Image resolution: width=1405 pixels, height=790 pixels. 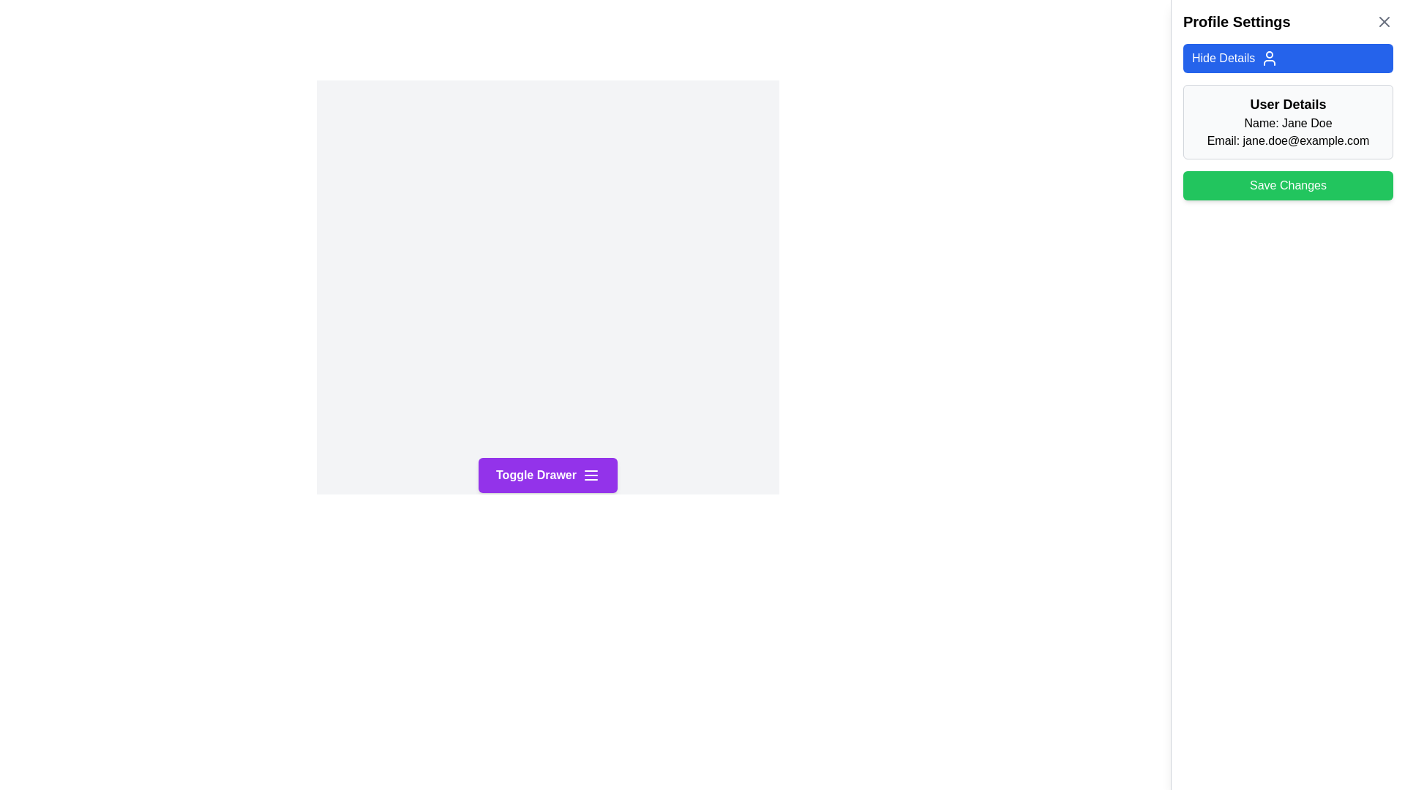 What do you see at coordinates (1269, 58) in the screenshot?
I see `the decorative user profile icon centered within the blue 'Hide Details' button located at the top of the profile settings sidebar` at bounding box center [1269, 58].